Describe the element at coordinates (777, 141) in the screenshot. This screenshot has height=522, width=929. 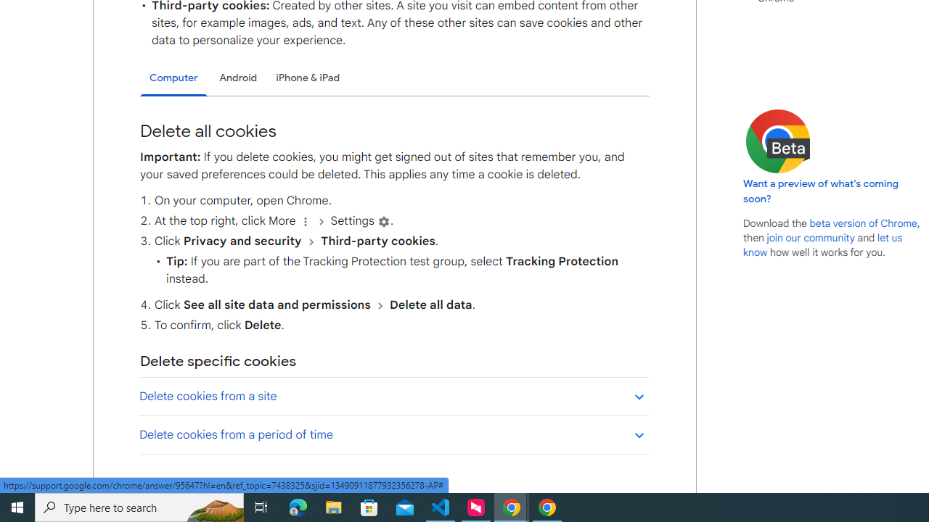
I see `'Chrome Beta logo'` at that location.